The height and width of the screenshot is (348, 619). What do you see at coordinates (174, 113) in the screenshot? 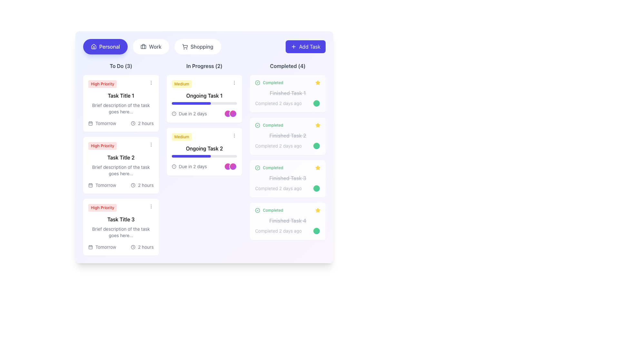
I see `the circular icon with an alert symbol located in the 'In Progress' section of the 'Ongoing Task 1' card, next to the text 'Due in 2 days'` at bounding box center [174, 113].